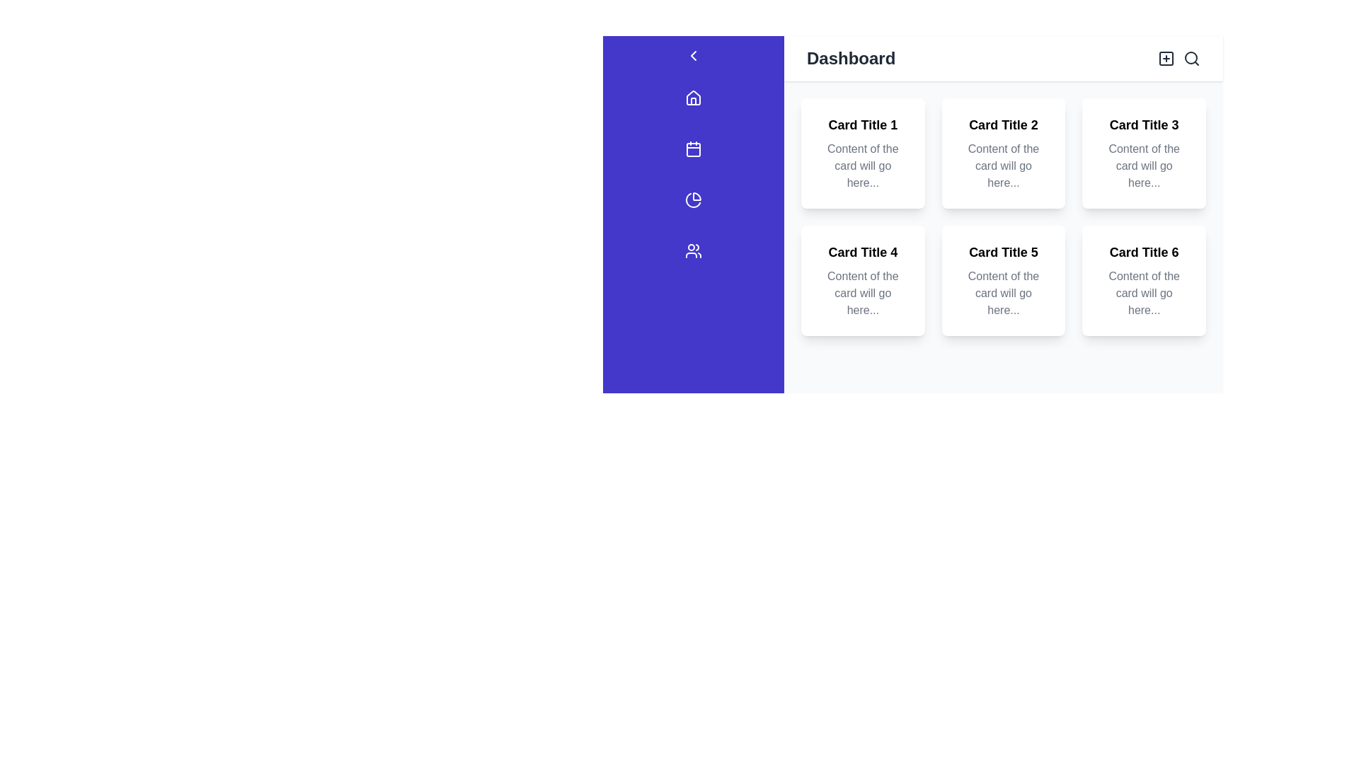 The width and height of the screenshot is (1359, 764). I want to click on the first card in the grid layout, which has a white background, rounded corners, and contains the title 'Card Title 1' and descriptive text. This action will highlight the card, so click(862, 153).